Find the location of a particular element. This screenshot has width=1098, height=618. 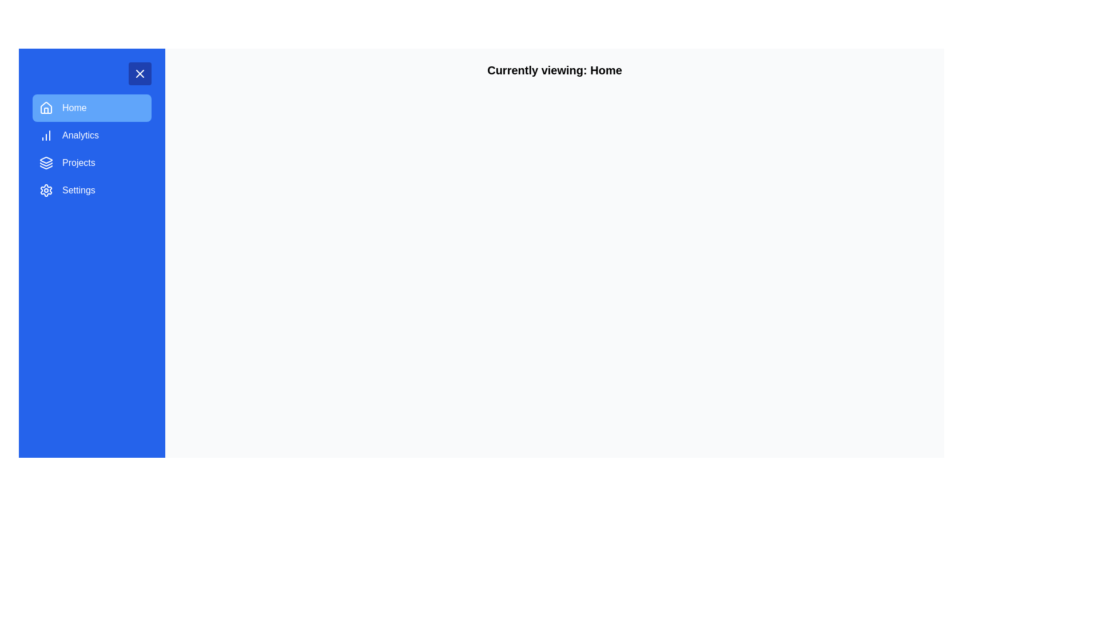

the 'Projects' button in the vertical menu, which is the third option below 'Analytics' and above 'Settings' is located at coordinates (92, 163).